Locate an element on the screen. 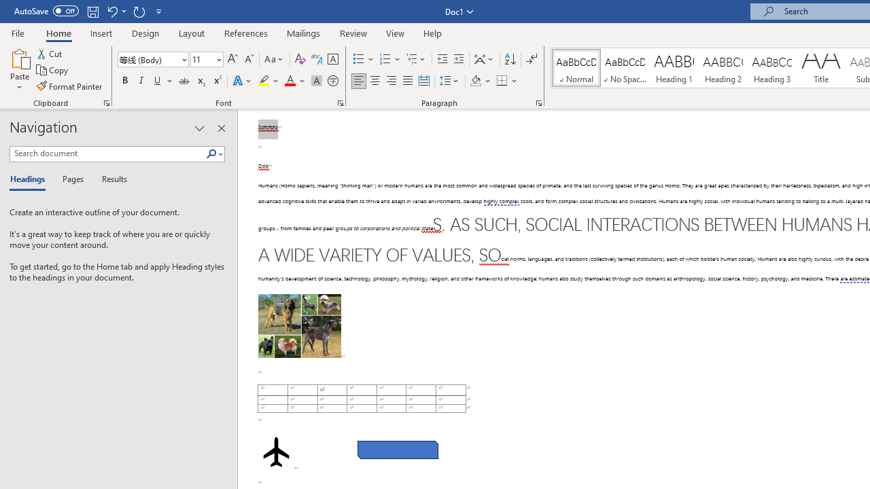 The height and width of the screenshot is (489, 870). 'Title' is located at coordinates (820, 68).